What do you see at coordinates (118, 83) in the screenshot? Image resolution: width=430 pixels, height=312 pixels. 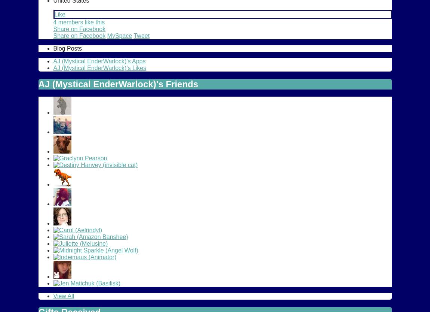 I see `'AJ (Mystical EnderWarlock)'s Friends'` at bounding box center [118, 83].